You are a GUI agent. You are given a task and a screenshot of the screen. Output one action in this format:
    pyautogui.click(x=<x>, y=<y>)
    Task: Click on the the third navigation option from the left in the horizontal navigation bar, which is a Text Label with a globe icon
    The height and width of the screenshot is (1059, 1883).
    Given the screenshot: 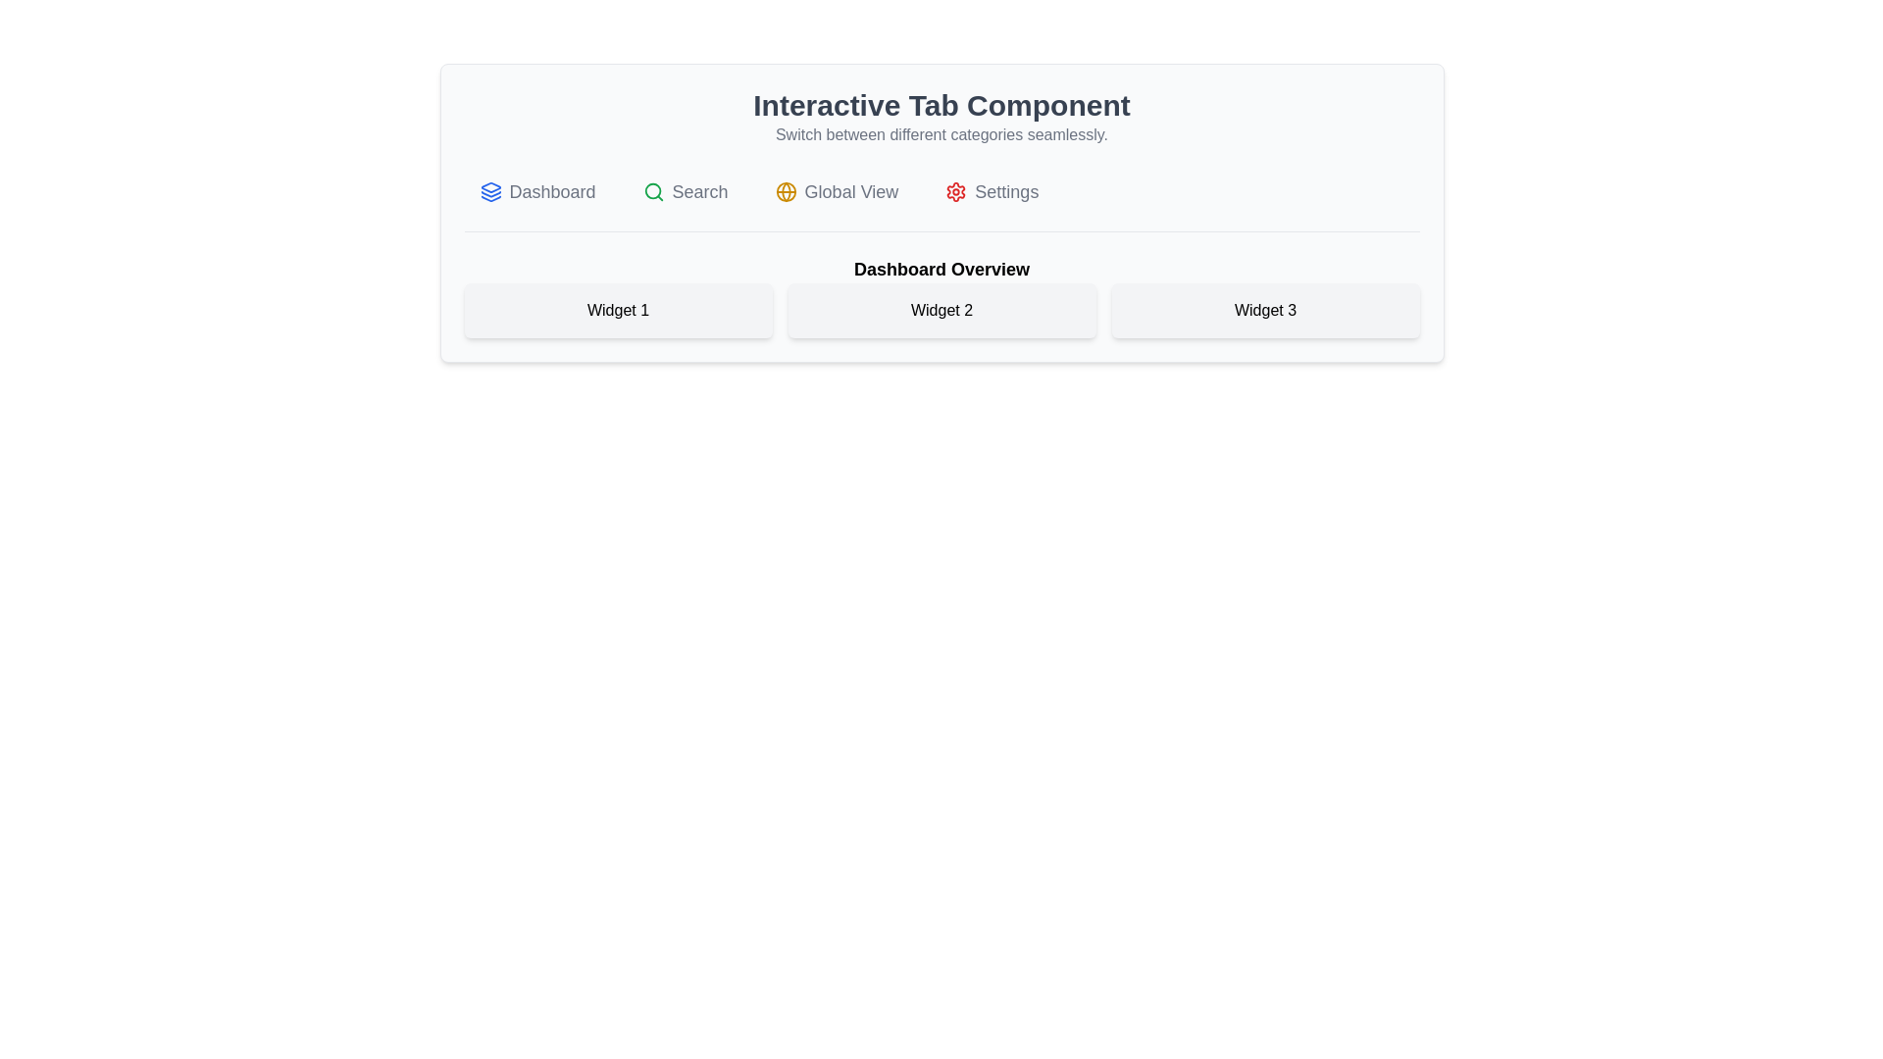 What is the action you would take?
    pyautogui.click(x=851, y=192)
    